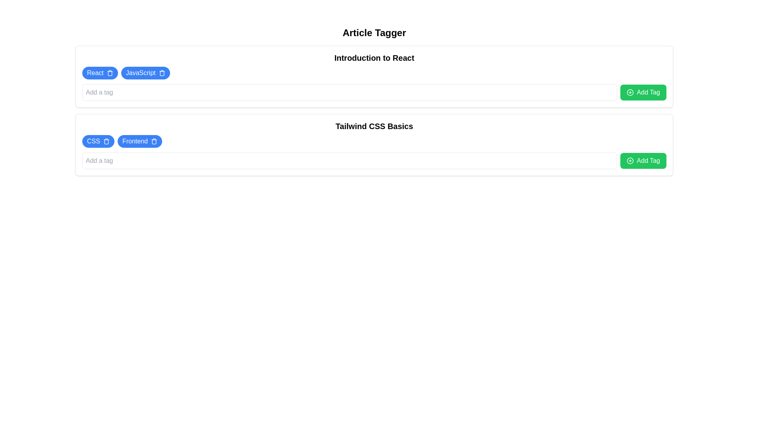  What do you see at coordinates (99, 73) in the screenshot?
I see `the React tag element` at bounding box center [99, 73].